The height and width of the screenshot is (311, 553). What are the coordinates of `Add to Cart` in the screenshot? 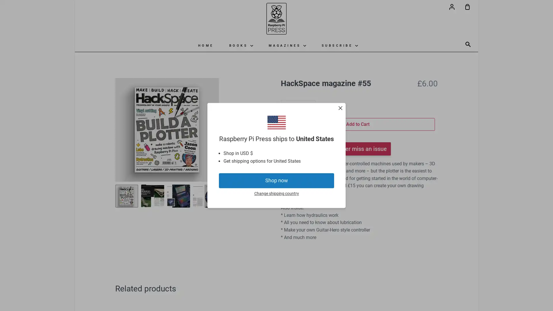 It's located at (357, 124).